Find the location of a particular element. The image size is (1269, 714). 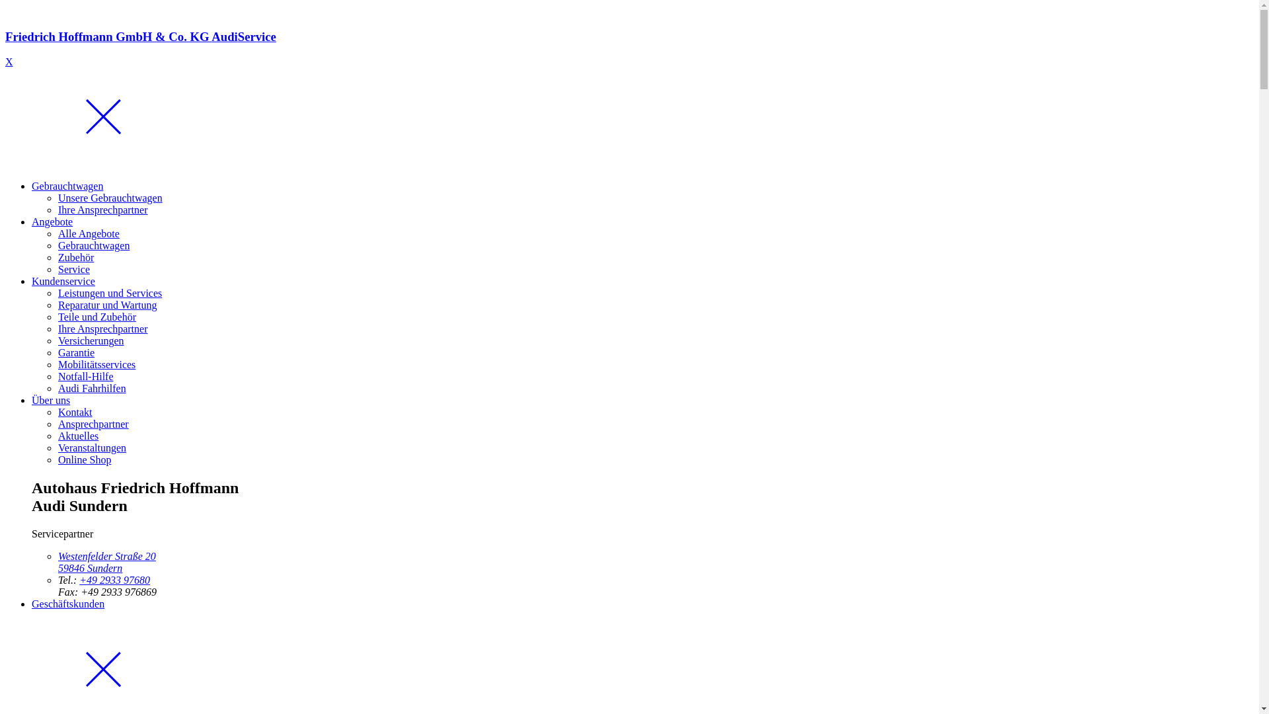

'Gebrauchtwagen' is located at coordinates (93, 245).